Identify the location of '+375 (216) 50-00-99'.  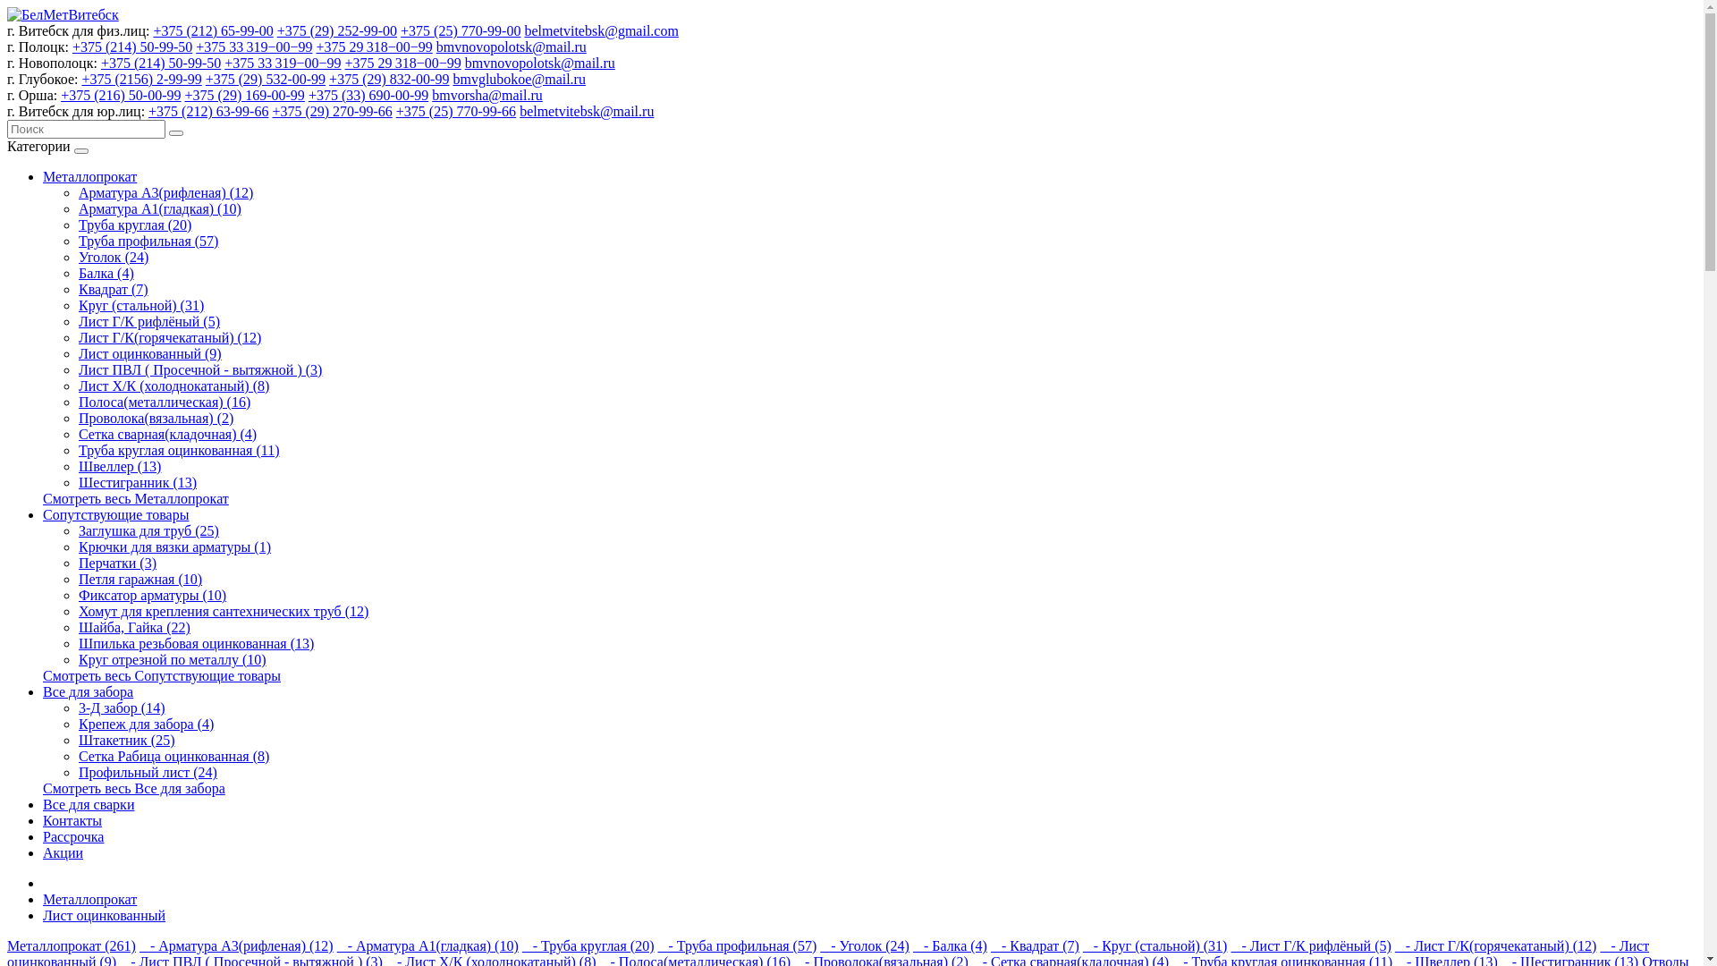
(119, 95).